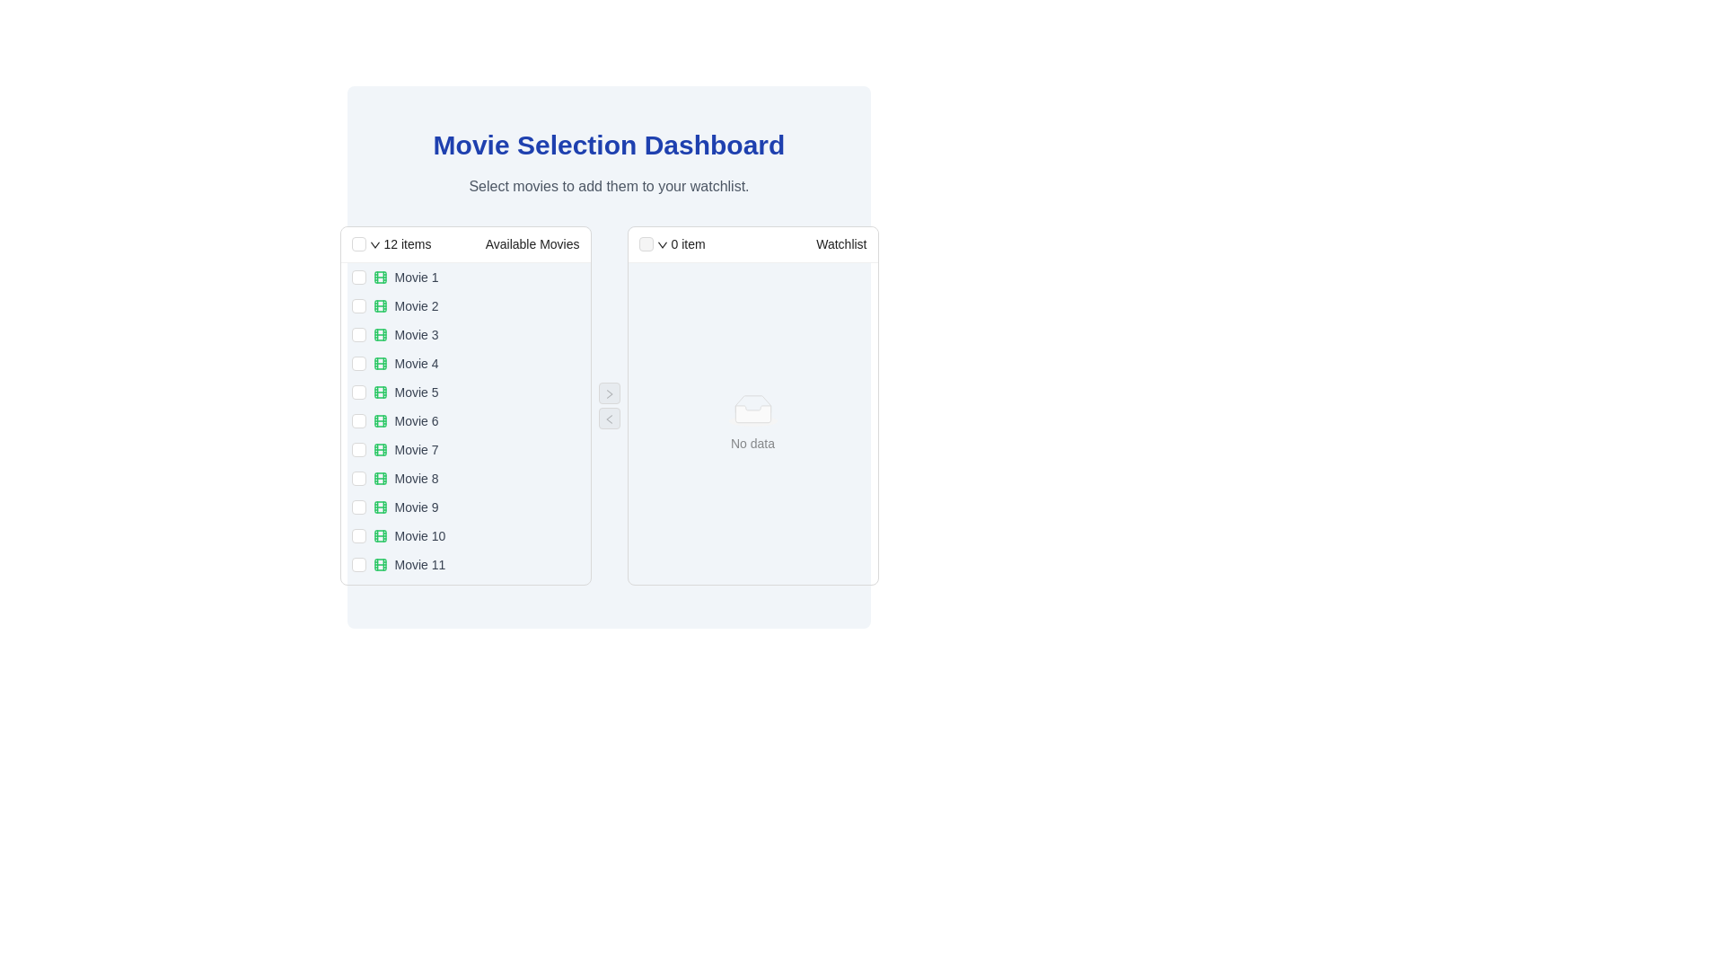  Describe the element at coordinates (418, 535) in the screenshot. I see `the text label` at that location.